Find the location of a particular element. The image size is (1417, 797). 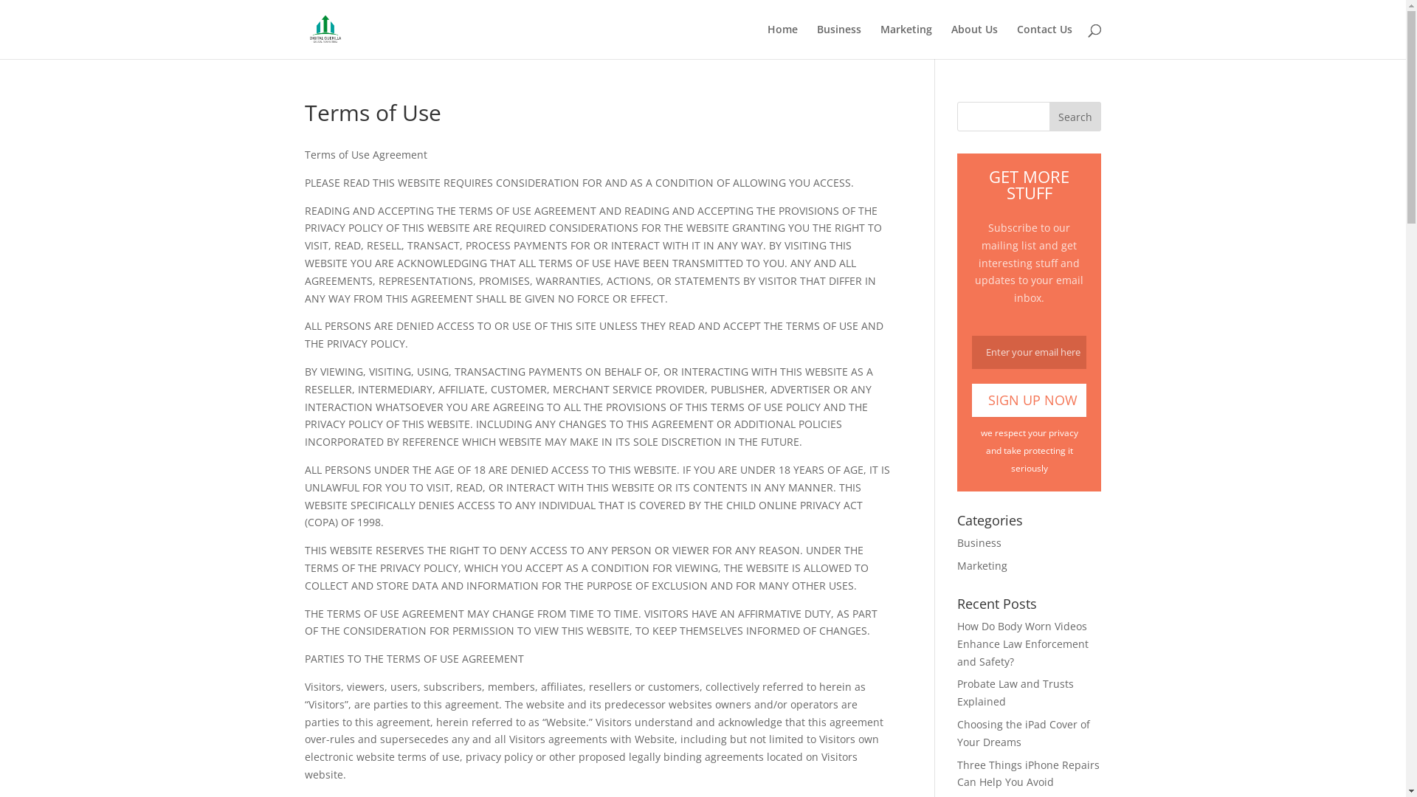

'Home' is located at coordinates (768, 41).